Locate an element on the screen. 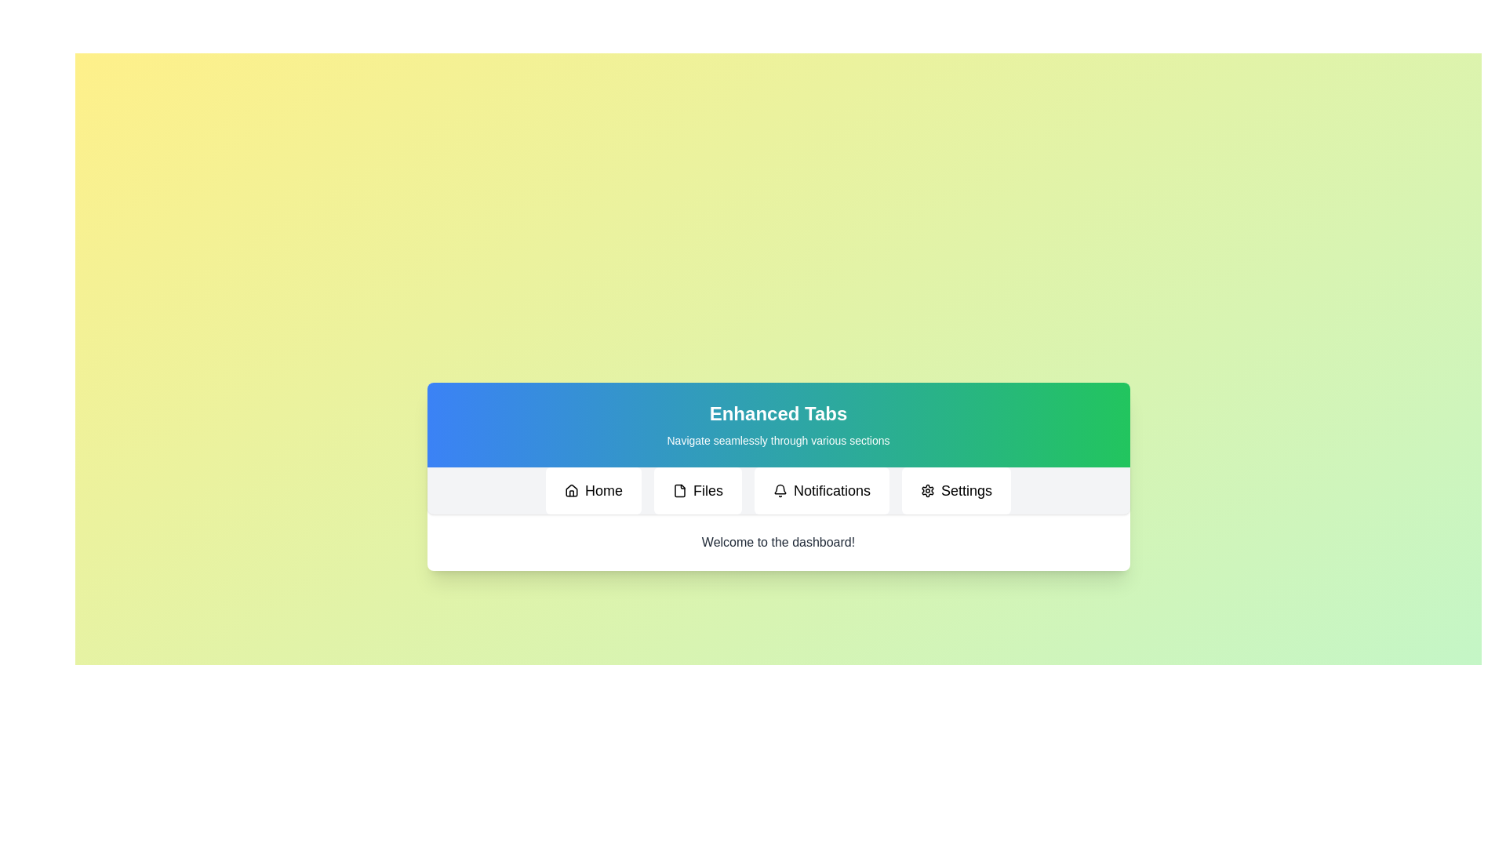 This screenshot has width=1506, height=847. the 'Files' icon in the navigation bar, which is located between the 'Home' and 'Notifications' icons is located at coordinates (679, 489).